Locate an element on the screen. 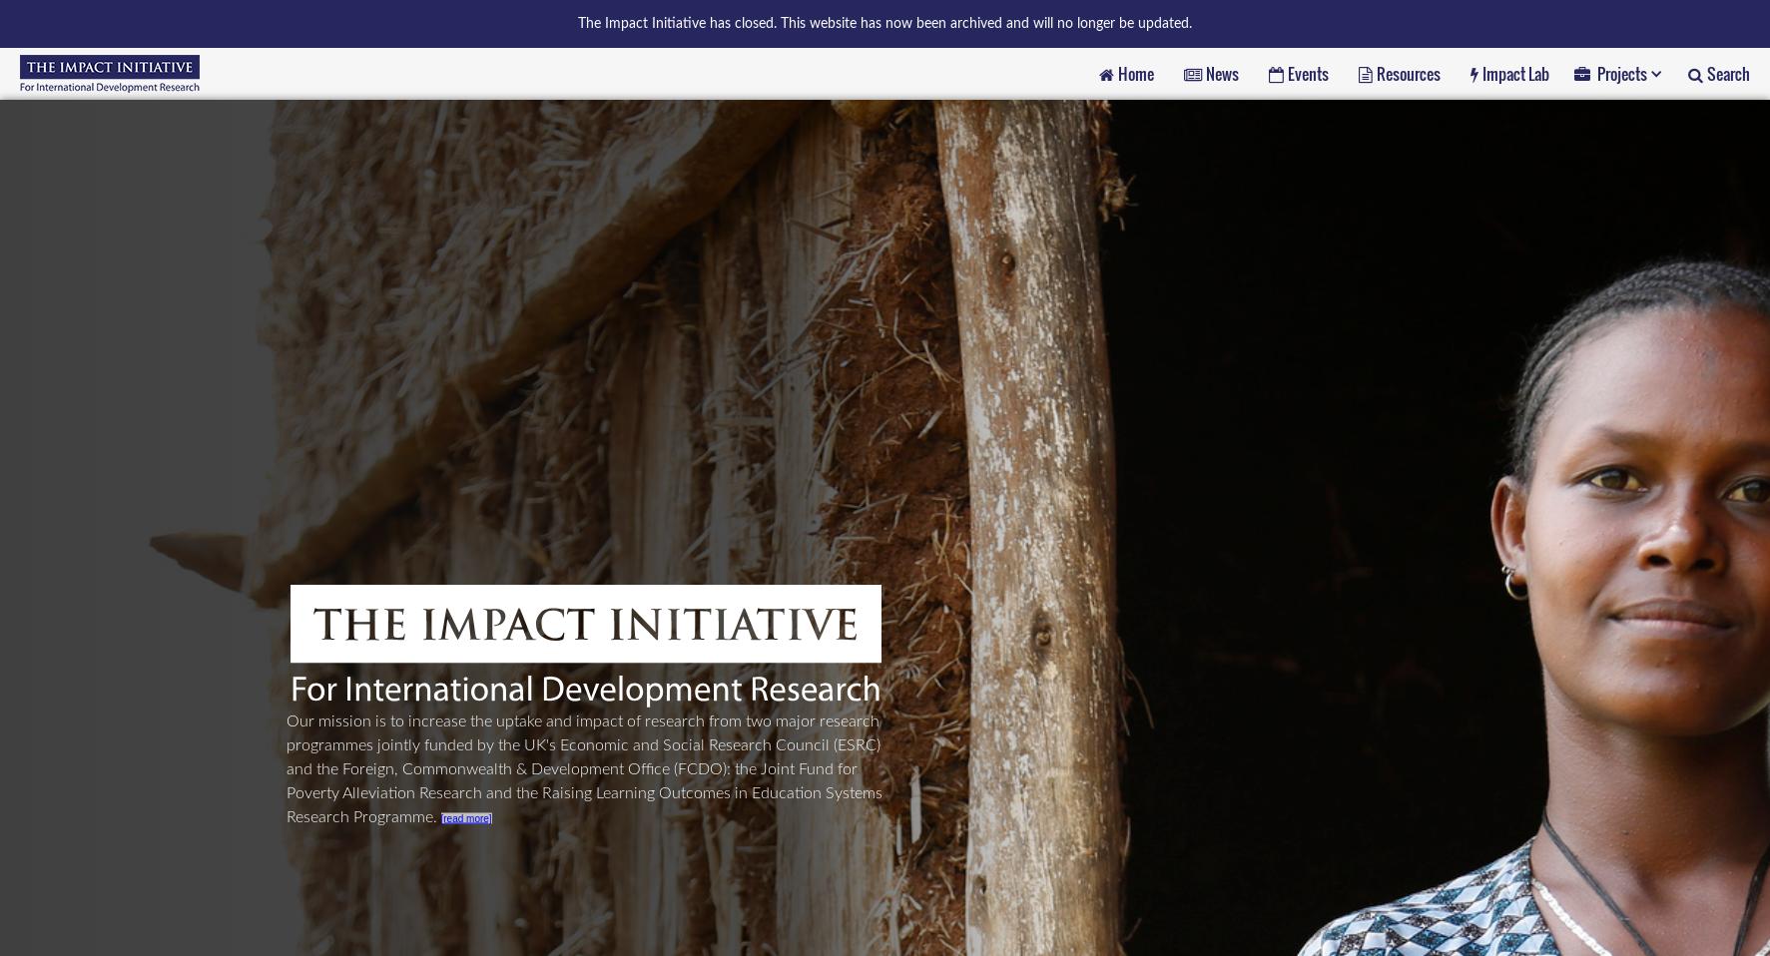 This screenshot has height=956, width=1770. 'Events' is located at coordinates (1308, 71).